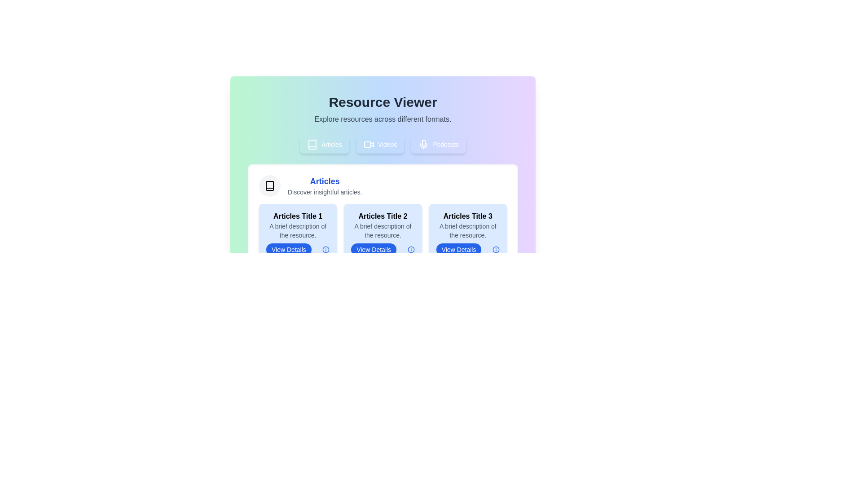 Image resolution: width=862 pixels, height=485 pixels. Describe the element at coordinates (269, 185) in the screenshot. I see `the Icon button representing the 'Articles' category, located at the top-left corner of the card labeled 'Articles'` at that location.